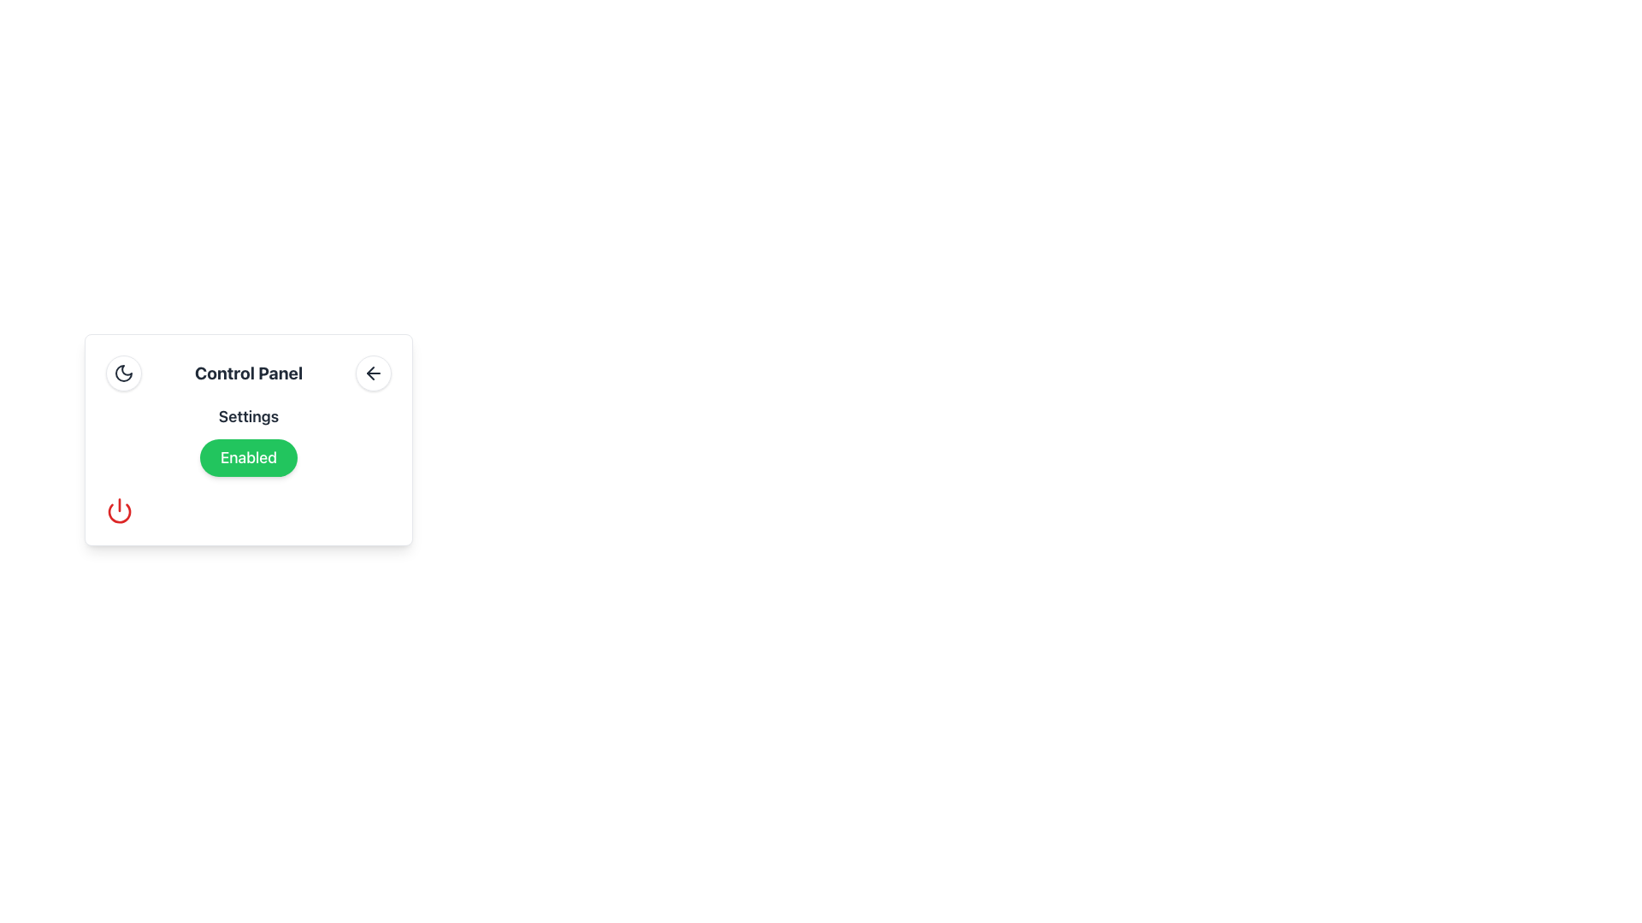 This screenshot has width=1642, height=923. I want to click on the night mode icon located in the top-left corner of the 'Control Panel' card, so click(122, 372).